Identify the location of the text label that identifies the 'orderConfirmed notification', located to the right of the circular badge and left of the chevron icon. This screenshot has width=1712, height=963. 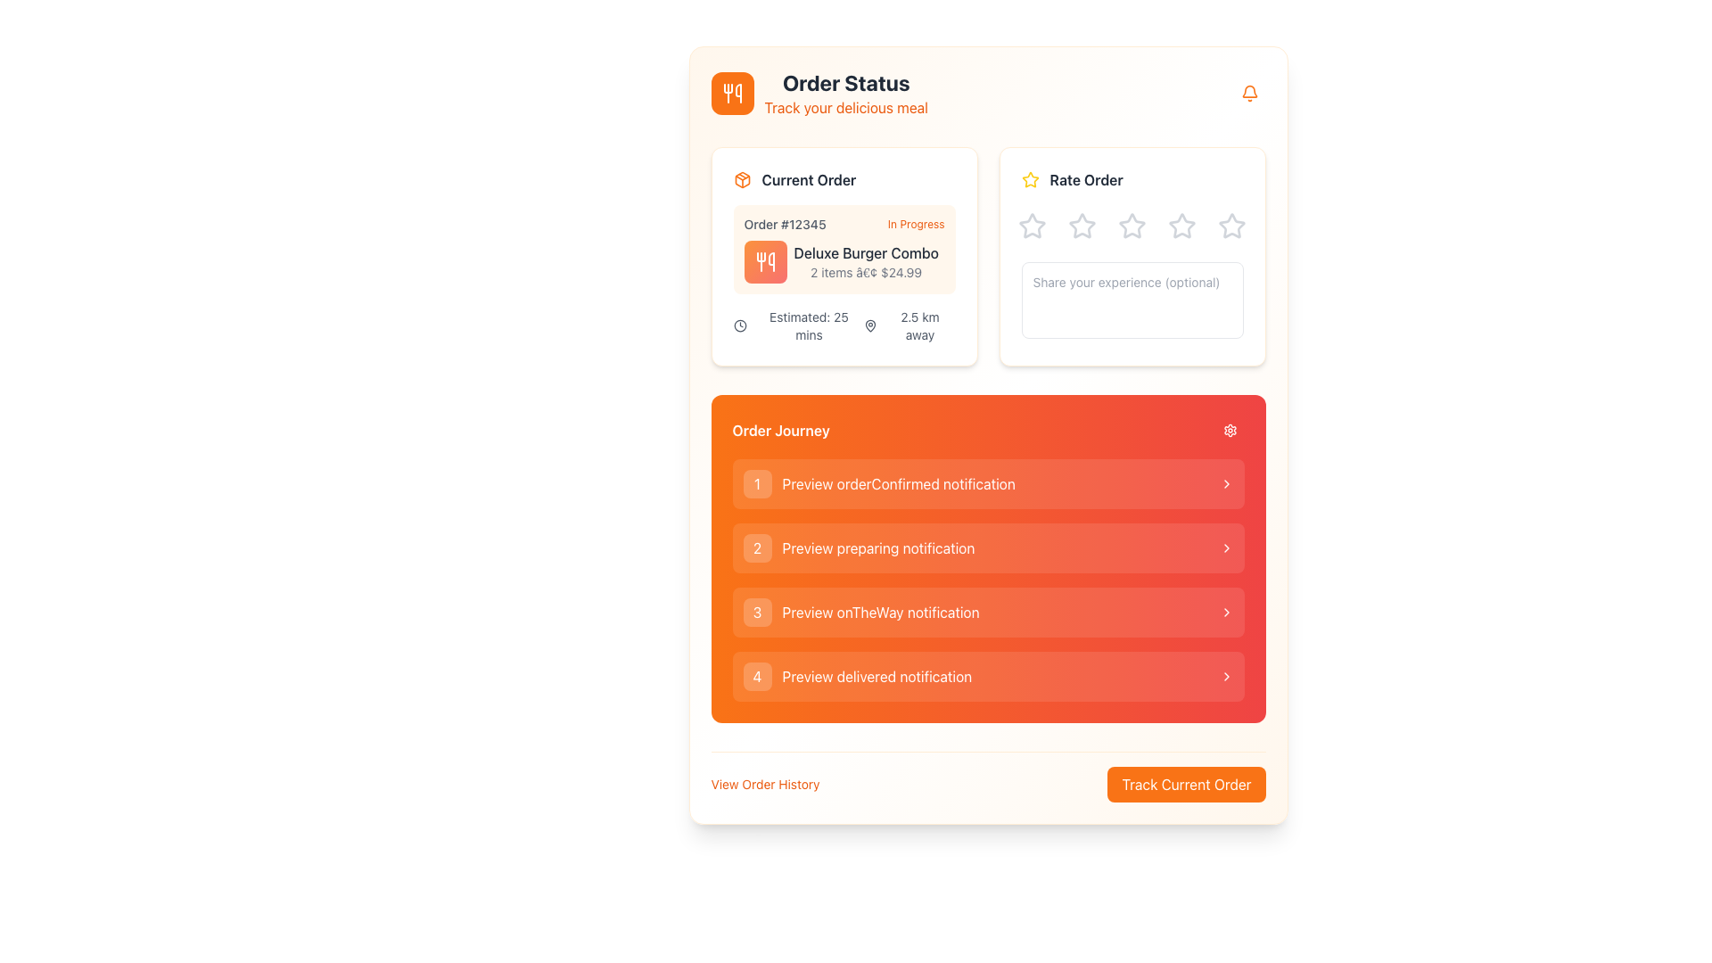
(994, 484).